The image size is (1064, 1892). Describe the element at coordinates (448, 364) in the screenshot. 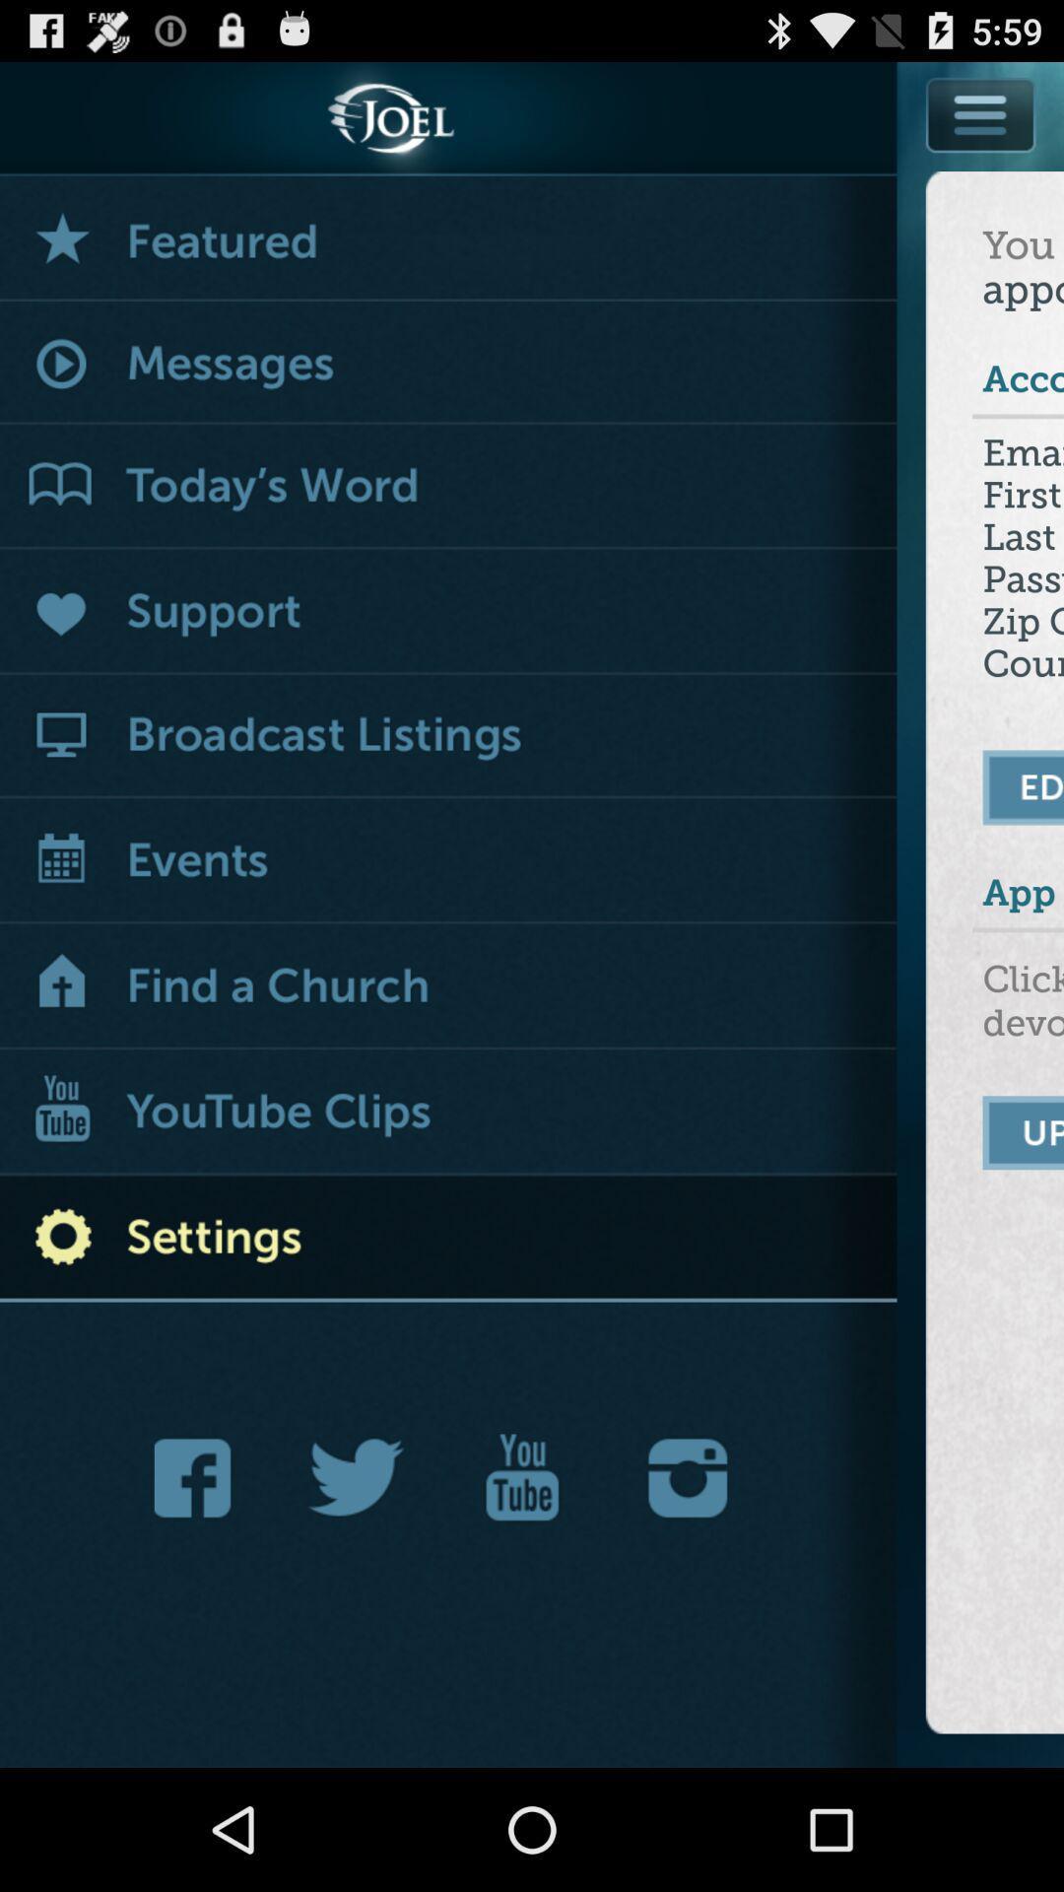

I see `messages menu` at that location.